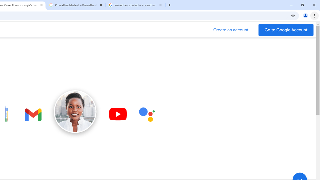  I want to click on 'Bookmark this tab', so click(293, 15).